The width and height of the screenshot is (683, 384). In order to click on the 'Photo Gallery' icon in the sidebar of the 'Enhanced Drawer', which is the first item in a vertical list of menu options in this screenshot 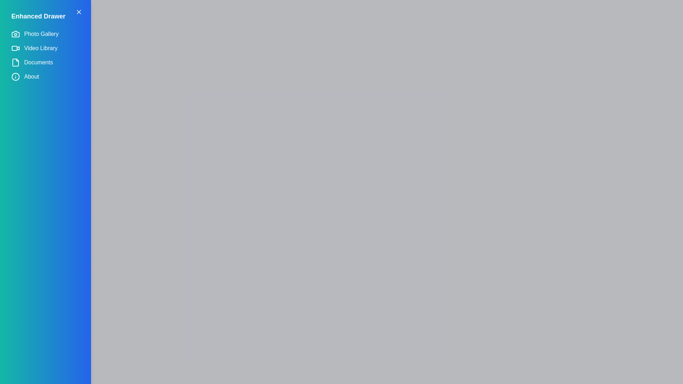, I will do `click(15, 34)`.